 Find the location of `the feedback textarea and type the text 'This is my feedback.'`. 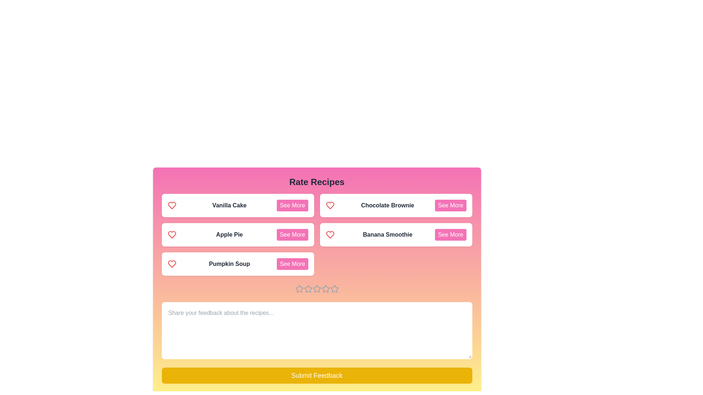

the feedback textarea and type the text 'This is my feedback.' is located at coordinates (317, 330).